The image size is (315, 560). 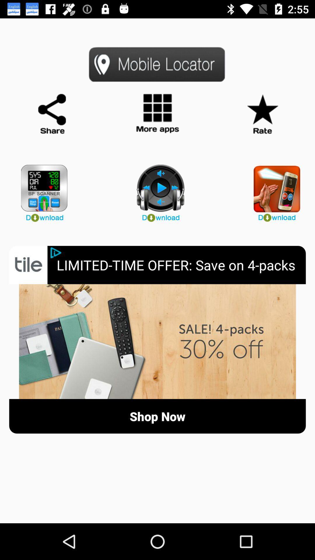 I want to click on the share icon, so click(x=52, y=114).